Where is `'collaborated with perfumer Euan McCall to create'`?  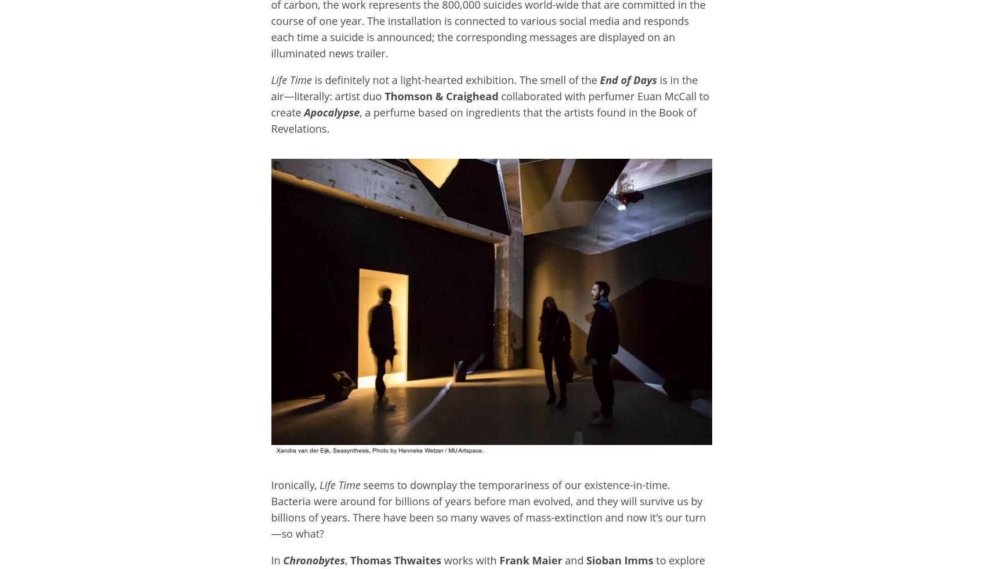
'collaborated with perfumer Euan McCall to create' is located at coordinates (489, 104).